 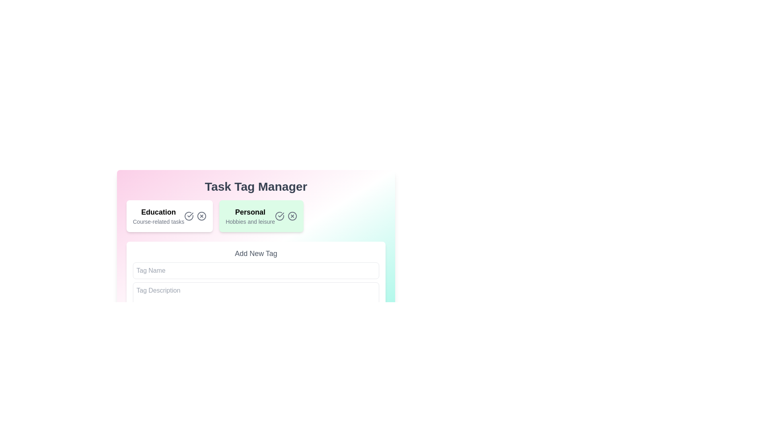 What do you see at coordinates (292, 216) in the screenshot?
I see `the delete button associated with the 'Personal' tag` at bounding box center [292, 216].